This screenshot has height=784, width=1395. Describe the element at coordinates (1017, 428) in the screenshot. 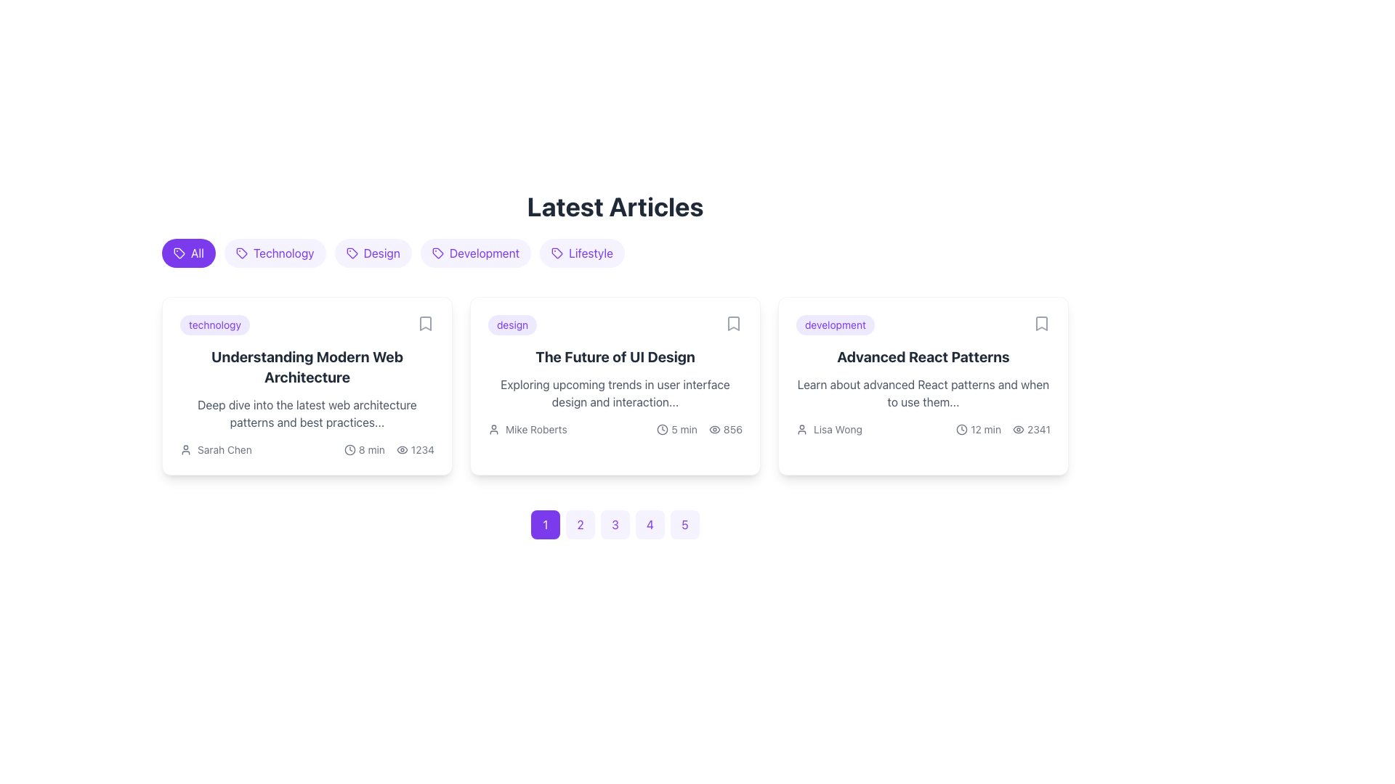

I see `the visibility icon located at the bottom-right corner of the third article card, which indicates the number of views associated with the content` at that location.